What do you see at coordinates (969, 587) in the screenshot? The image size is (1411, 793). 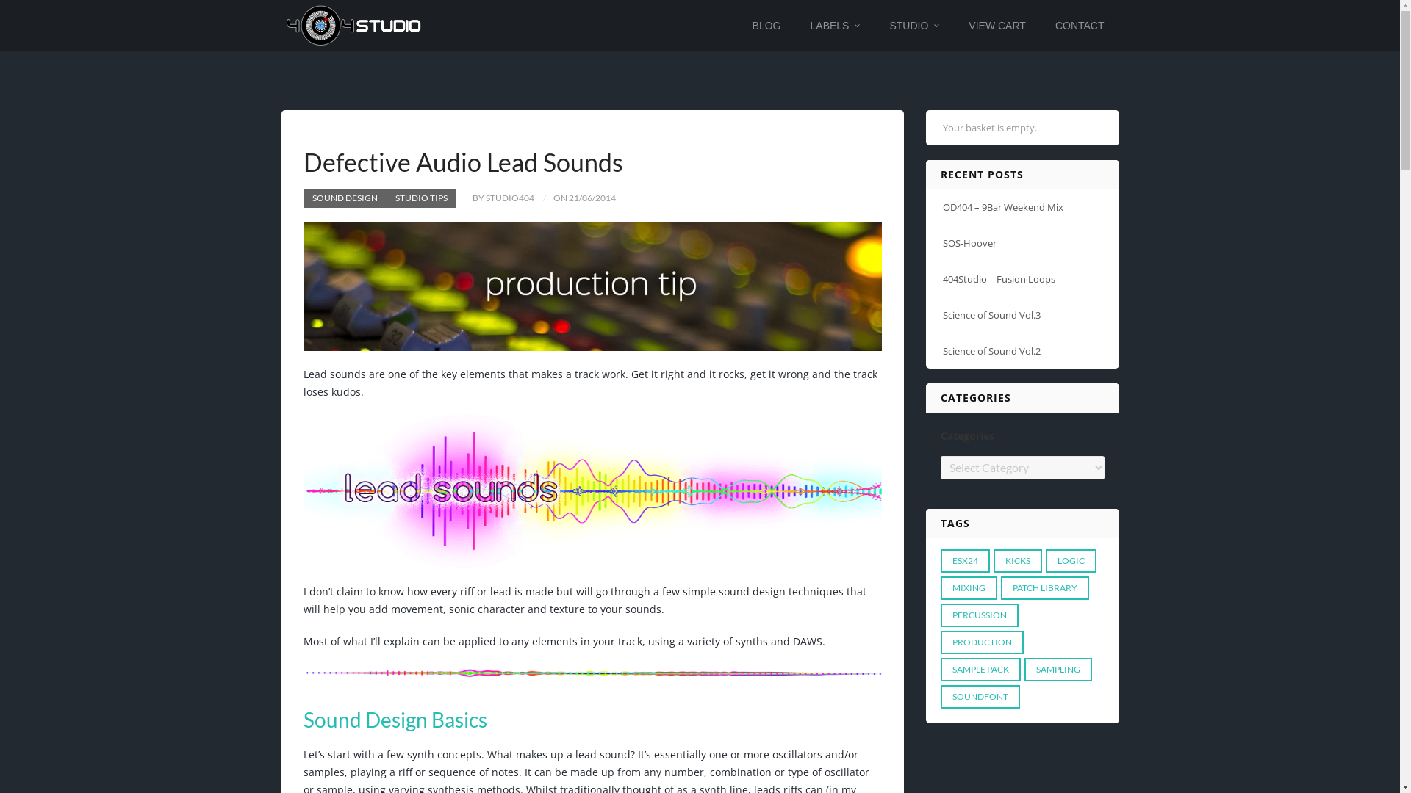 I see `'MIXING'` at bounding box center [969, 587].